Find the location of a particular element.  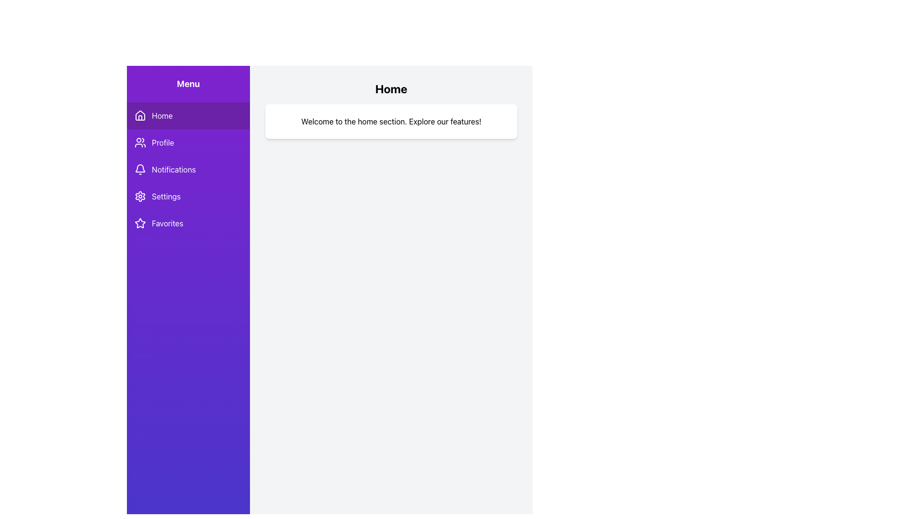

the gear-like settings icon with a white outline on a purple background, located fourth from the top in the vertical menu list is located at coordinates (140, 196).